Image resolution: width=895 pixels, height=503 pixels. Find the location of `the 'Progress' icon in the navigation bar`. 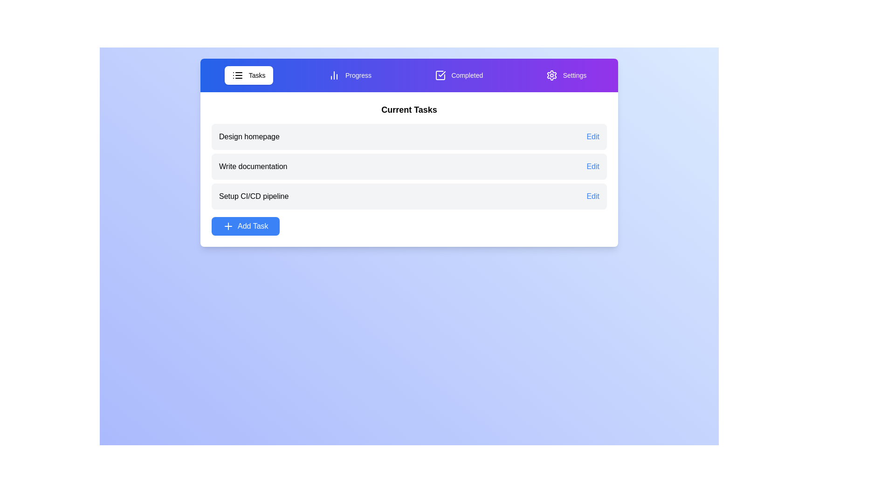

the 'Progress' icon in the navigation bar is located at coordinates (334, 75).